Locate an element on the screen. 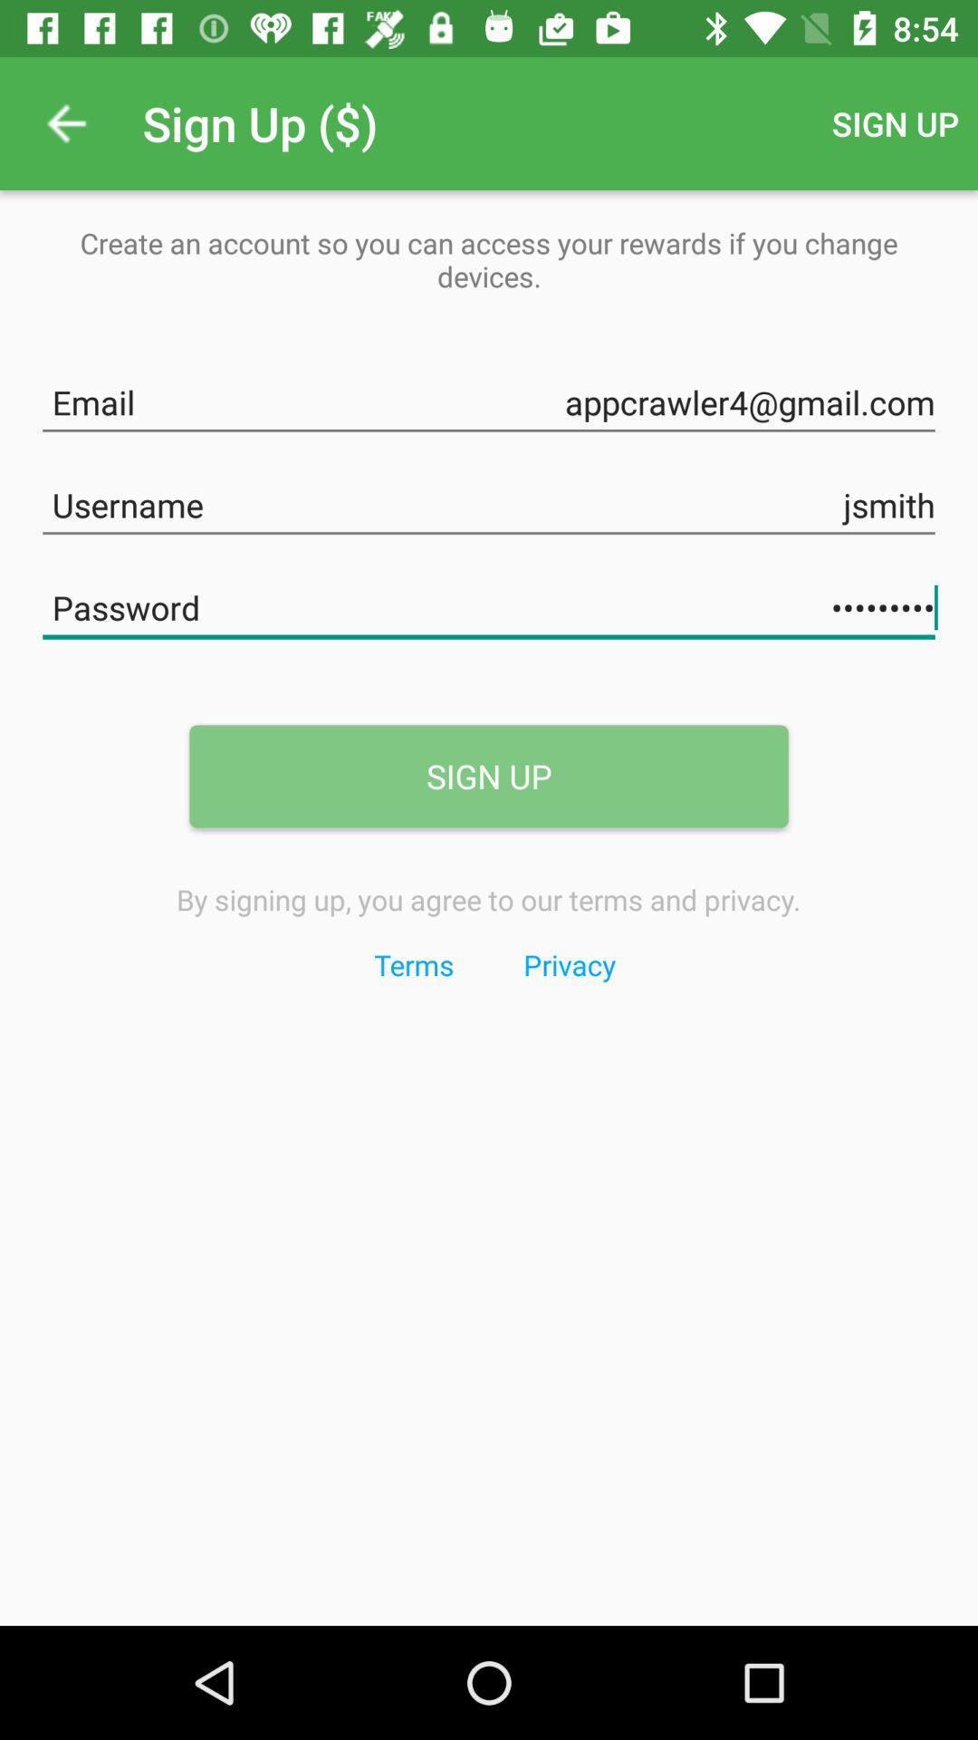 This screenshot has height=1740, width=978. email text field above username text field is located at coordinates (489, 398).